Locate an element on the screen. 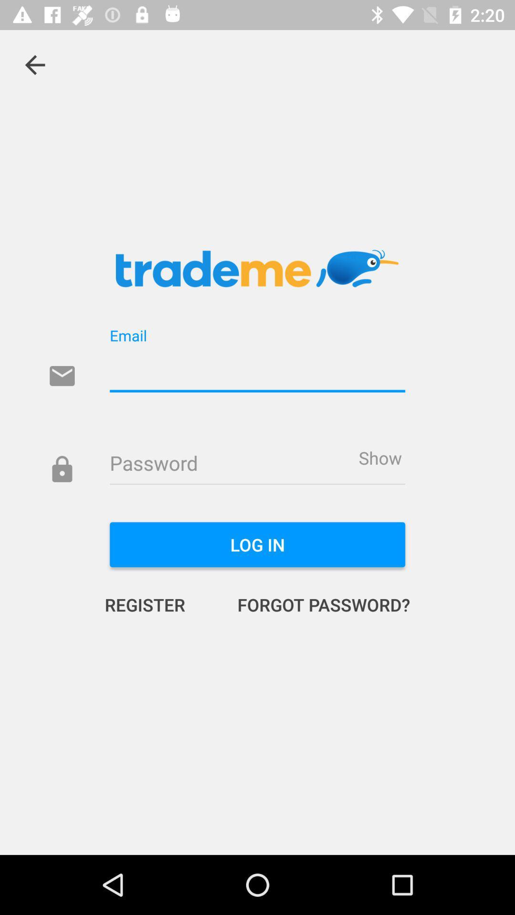  email line is located at coordinates (257, 370).